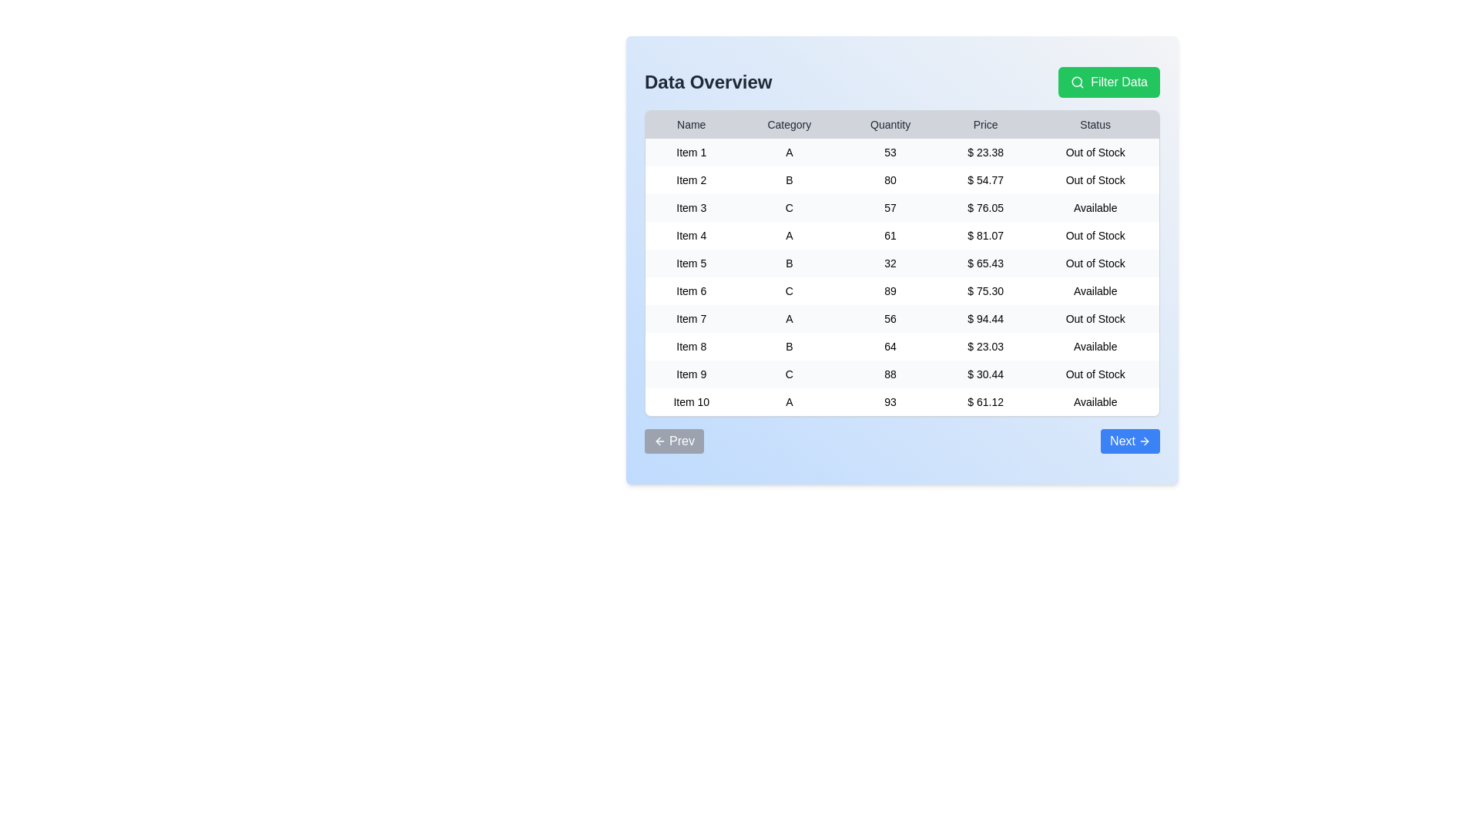  What do you see at coordinates (674, 441) in the screenshot?
I see `the Prev button in the footer` at bounding box center [674, 441].